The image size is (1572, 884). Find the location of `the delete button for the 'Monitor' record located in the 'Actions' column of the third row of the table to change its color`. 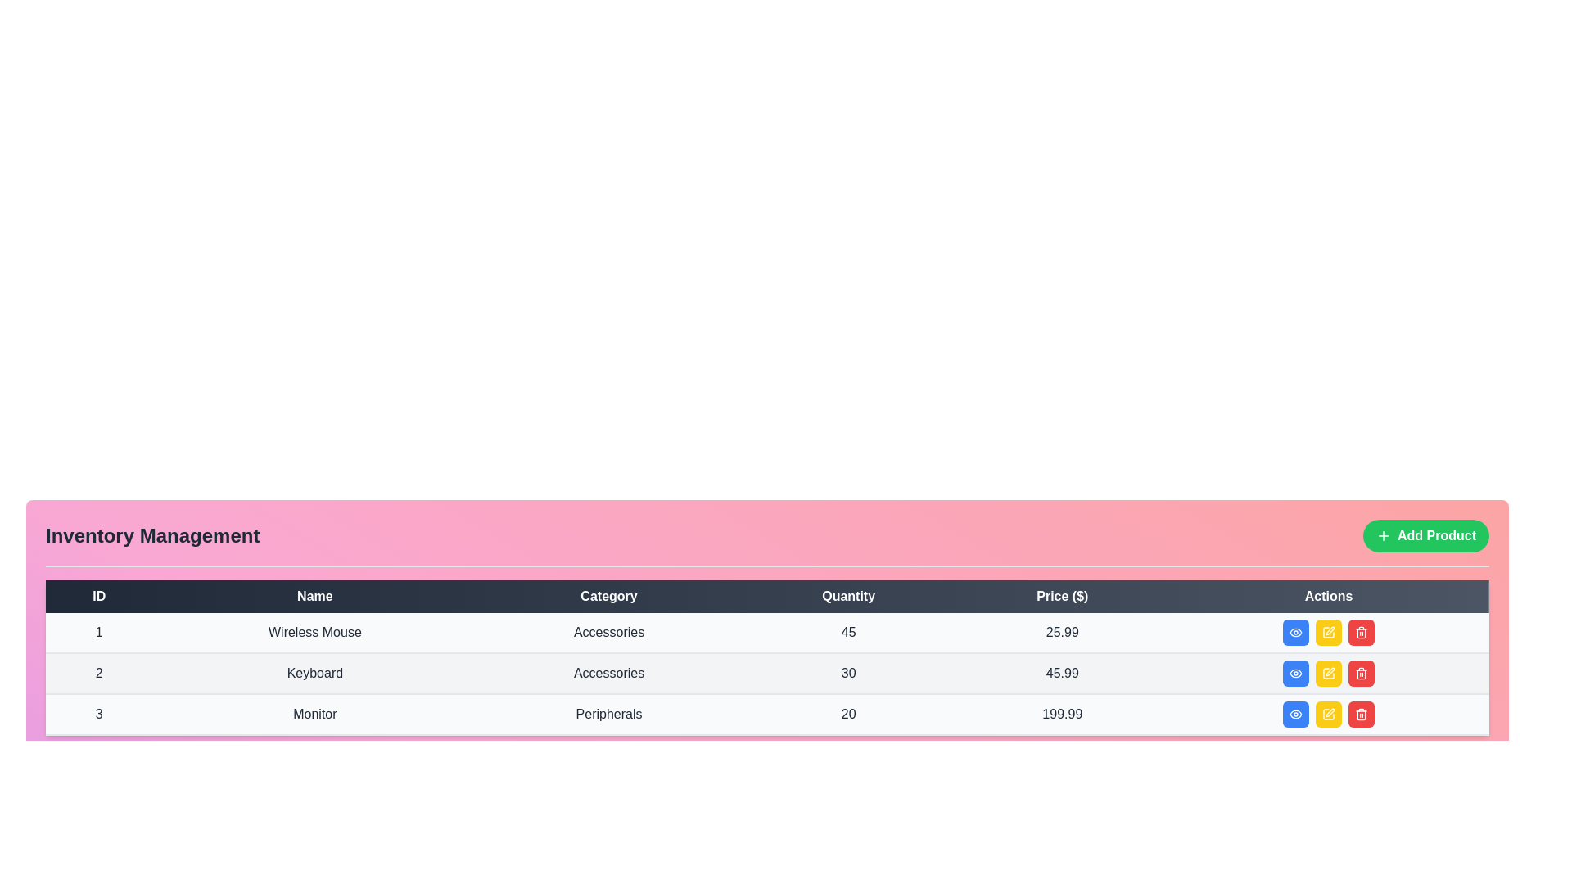

the delete button for the 'Monitor' record located in the 'Actions' column of the third row of the table to change its color is located at coordinates (1362, 713).